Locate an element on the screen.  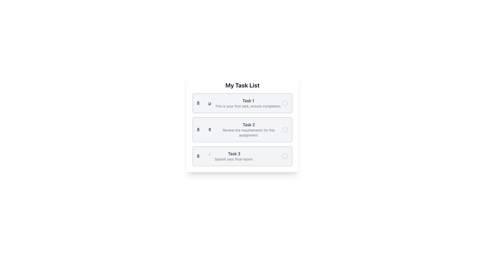
the circular icon with a white background and a visible circular outline, which is part of the task list interface, located to the right of the 'Task 3' list item is located at coordinates (285, 156).